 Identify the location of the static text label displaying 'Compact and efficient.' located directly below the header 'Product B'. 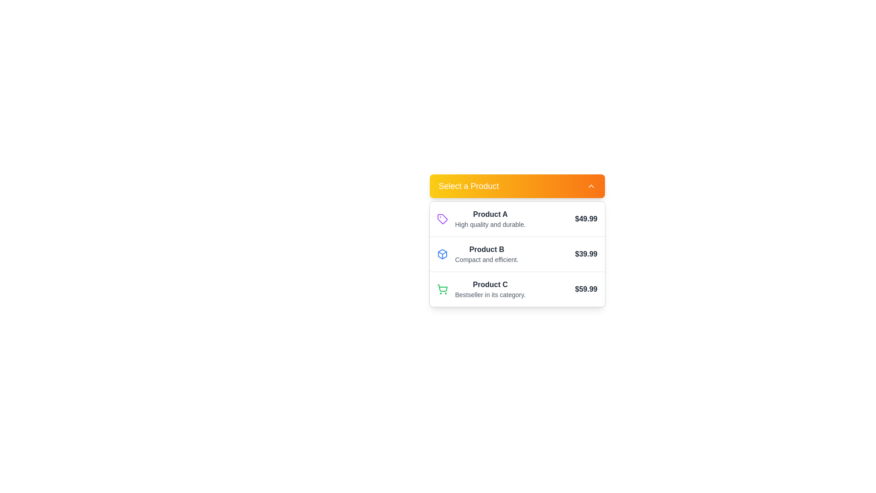
(486, 260).